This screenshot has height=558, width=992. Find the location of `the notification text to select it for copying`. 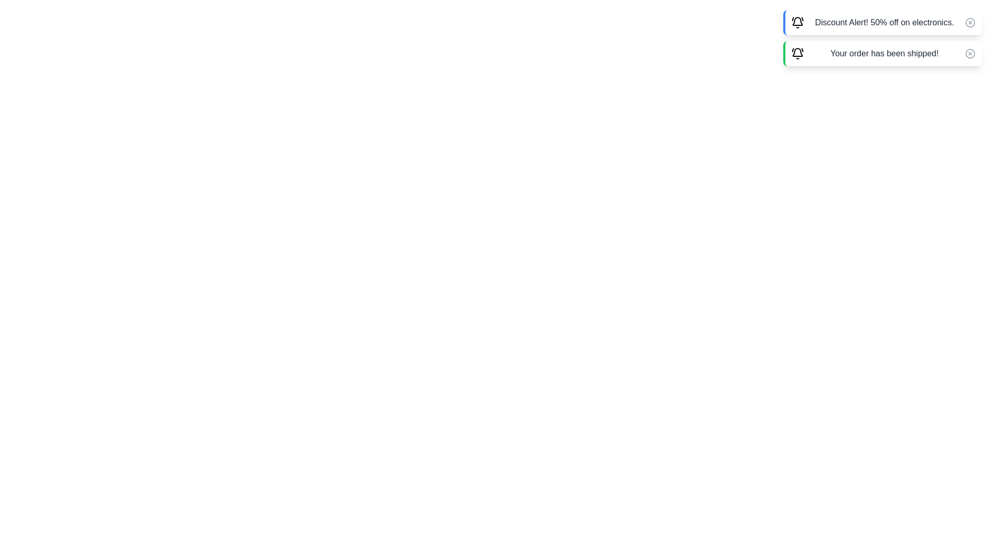

the notification text to select it for copying is located at coordinates (882, 22).